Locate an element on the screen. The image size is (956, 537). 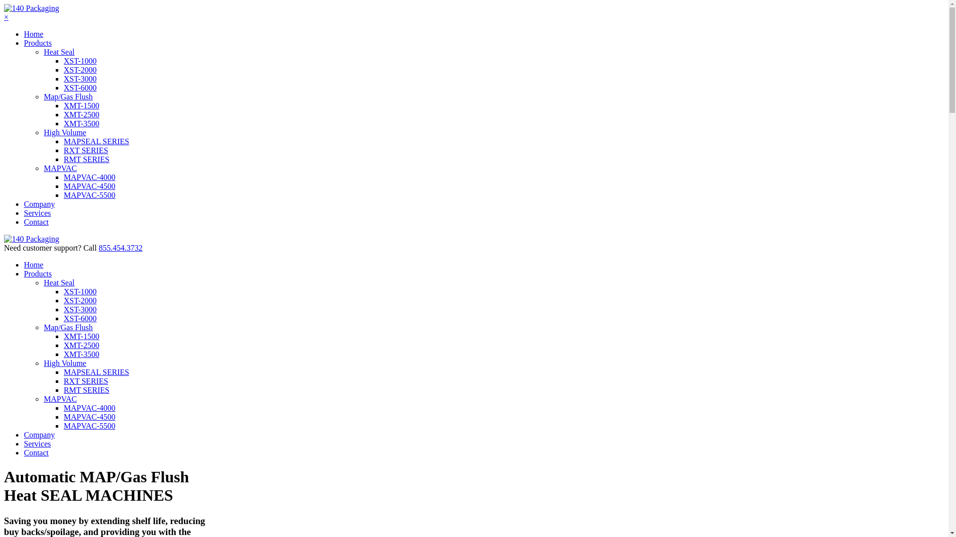
'High Volume' is located at coordinates (43, 132).